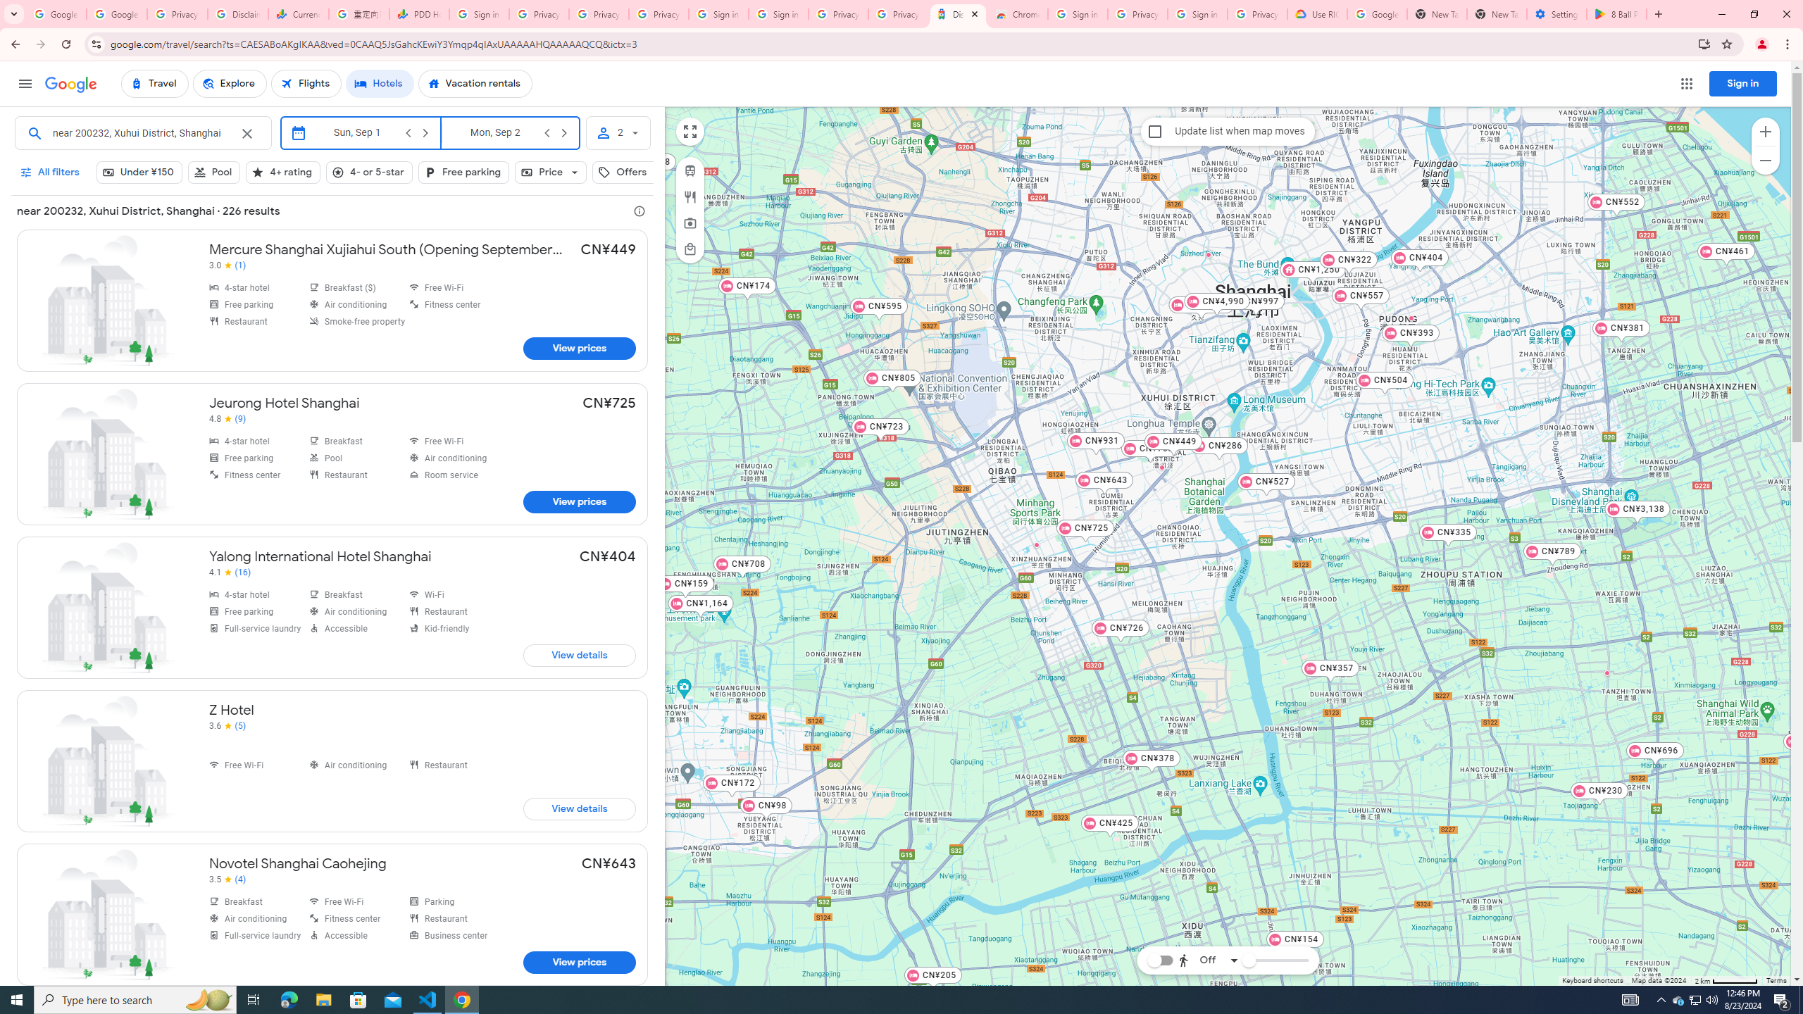  I want to click on 'Learn more about these results', so click(638, 210).